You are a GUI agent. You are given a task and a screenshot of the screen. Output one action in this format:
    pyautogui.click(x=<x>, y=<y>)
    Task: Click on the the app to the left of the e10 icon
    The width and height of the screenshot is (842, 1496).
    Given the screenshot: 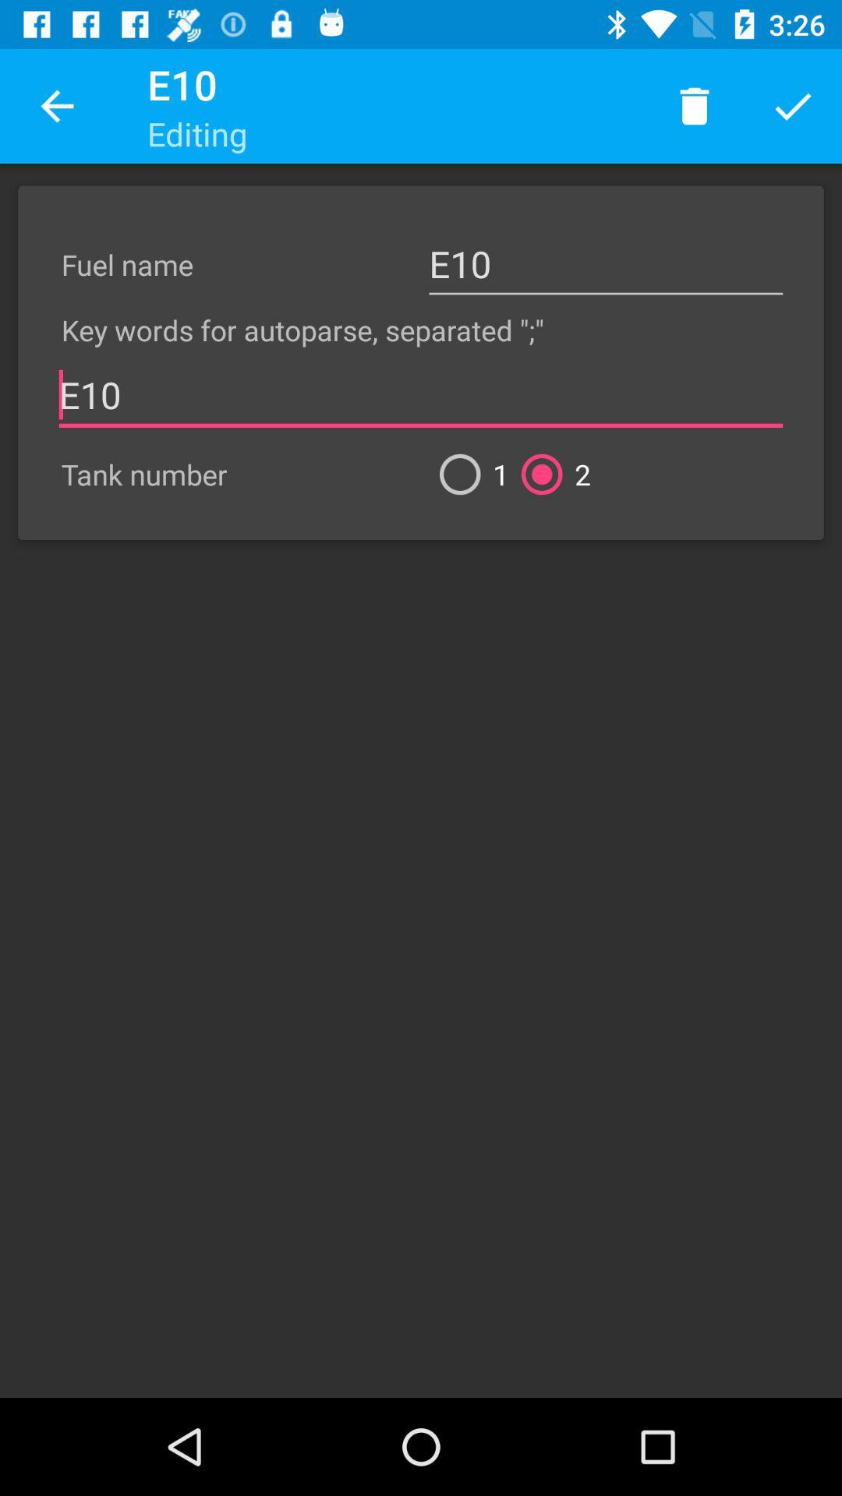 What is the action you would take?
    pyautogui.click(x=56, y=105)
    